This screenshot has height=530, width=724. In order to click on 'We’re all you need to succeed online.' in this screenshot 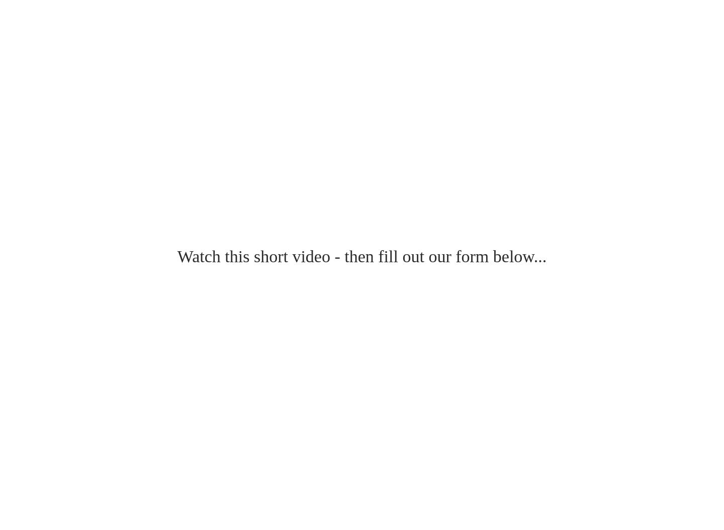, I will do `click(571, 12)`.